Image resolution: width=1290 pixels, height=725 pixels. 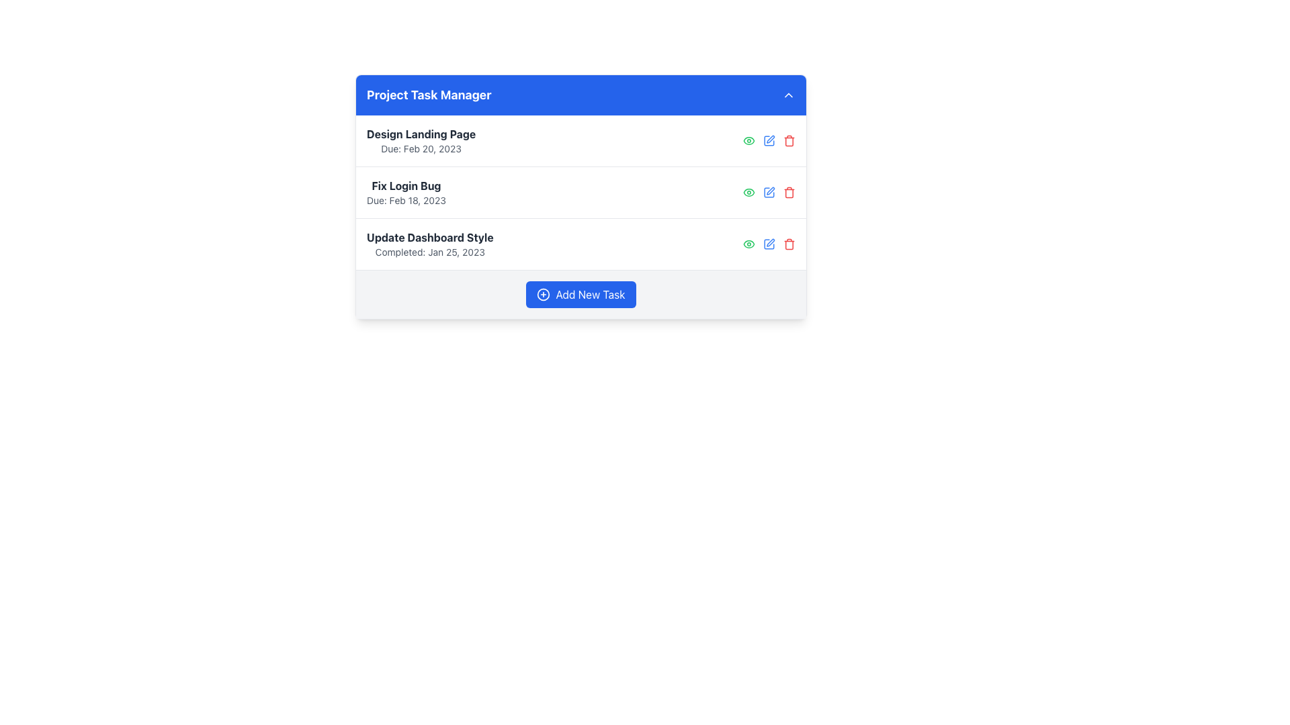 What do you see at coordinates (789, 244) in the screenshot?
I see `the trash can icon button, which is the third interactive element in the task list interface` at bounding box center [789, 244].